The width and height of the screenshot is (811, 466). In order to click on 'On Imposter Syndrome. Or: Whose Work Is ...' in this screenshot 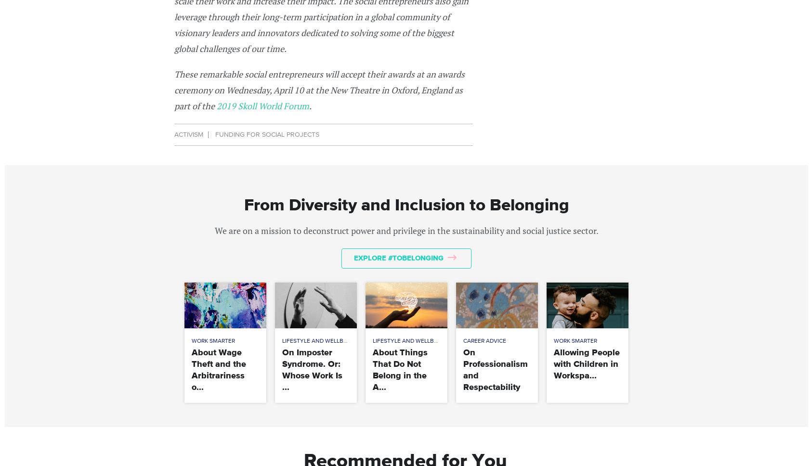, I will do `click(312, 369)`.